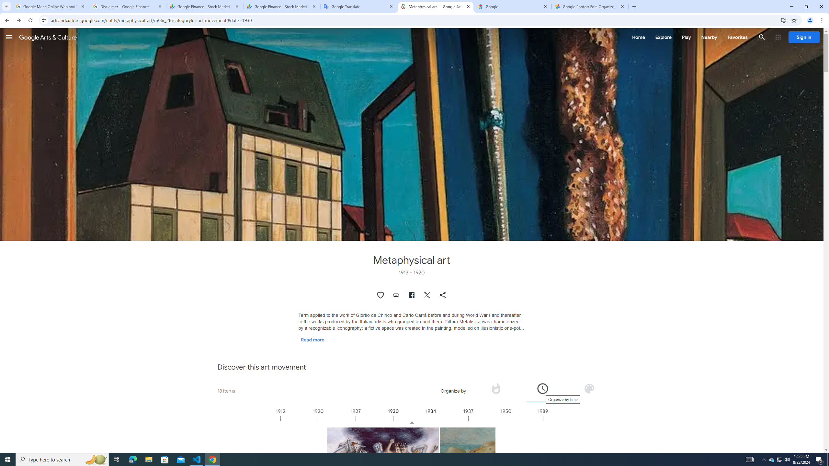 The height and width of the screenshot is (466, 829). Describe the element at coordinates (513, 6) in the screenshot. I see `'Google'` at that location.